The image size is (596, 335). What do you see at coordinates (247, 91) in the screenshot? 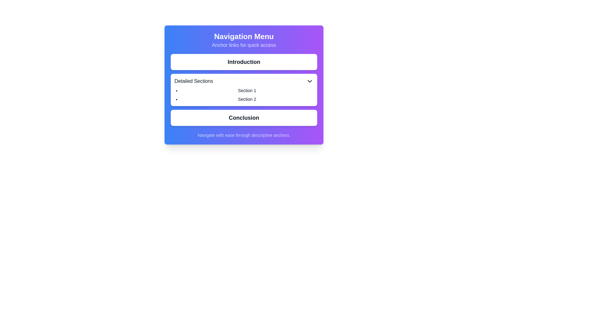
I see `the text-based link labeled 'Section 1'` at bounding box center [247, 91].